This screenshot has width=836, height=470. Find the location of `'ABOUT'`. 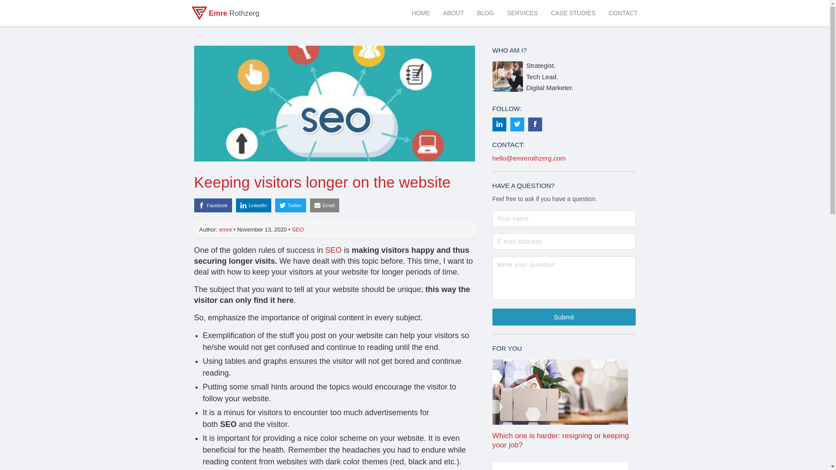

'ABOUT' is located at coordinates (453, 13).